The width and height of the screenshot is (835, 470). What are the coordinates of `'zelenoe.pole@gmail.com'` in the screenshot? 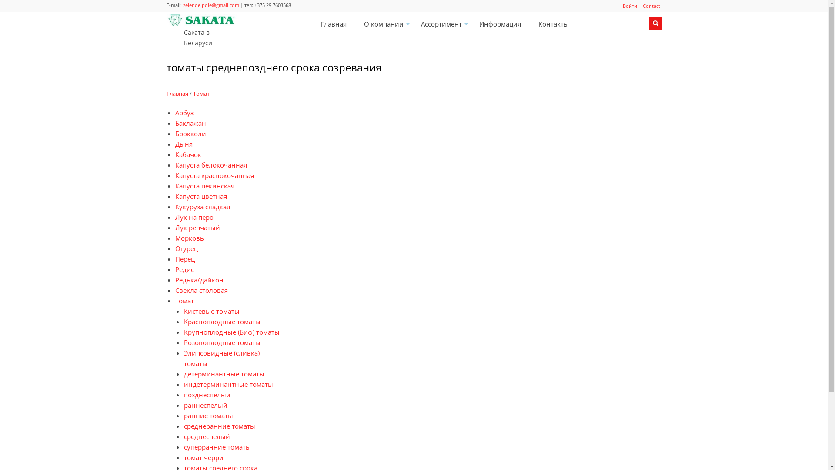 It's located at (210, 5).